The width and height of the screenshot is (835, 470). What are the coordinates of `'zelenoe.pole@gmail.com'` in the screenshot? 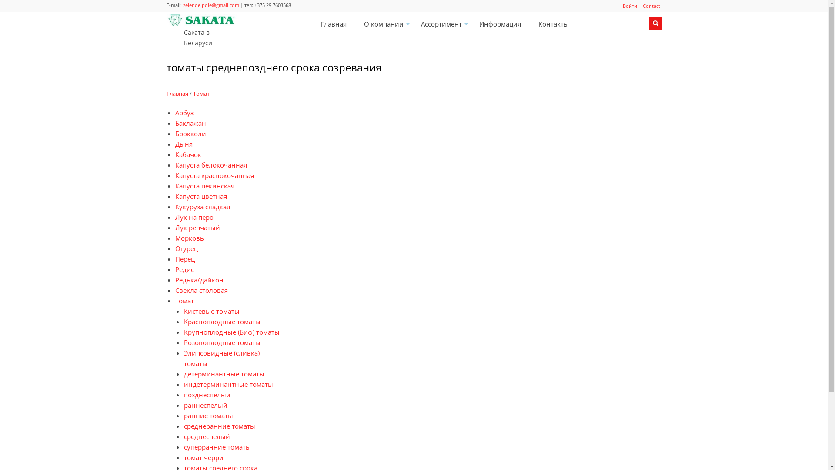 It's located at (210, 5).